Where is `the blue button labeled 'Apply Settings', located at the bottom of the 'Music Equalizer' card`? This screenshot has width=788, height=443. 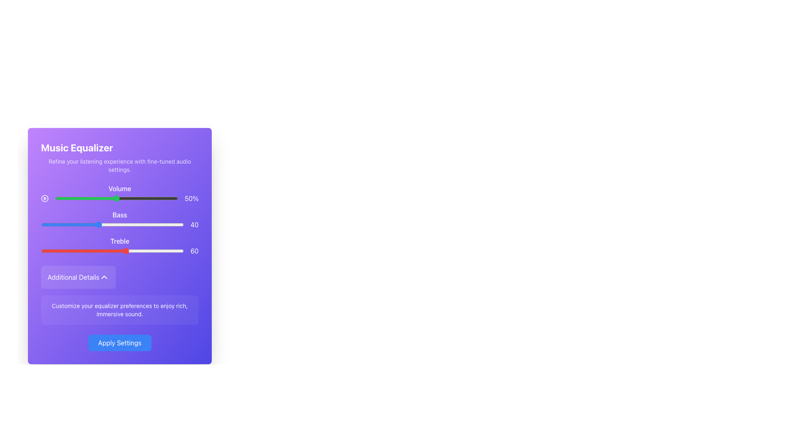
the blue button labeled 'Apply Settings', located at the bottom of the 'Music Equalizer' card is located at coordinates (119, 343).